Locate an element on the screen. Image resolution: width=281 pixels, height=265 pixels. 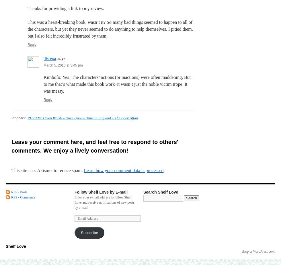
'Subscribe' is located at coordinates (89, 233).